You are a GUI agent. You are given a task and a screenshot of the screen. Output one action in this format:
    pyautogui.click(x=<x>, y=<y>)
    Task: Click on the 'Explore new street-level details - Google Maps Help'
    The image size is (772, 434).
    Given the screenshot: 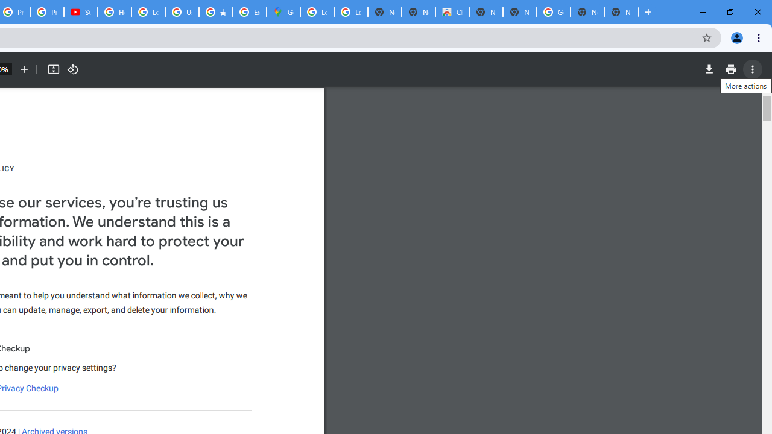 What is the action you would take?
    pyautogui.click(x=249, y=12)
    